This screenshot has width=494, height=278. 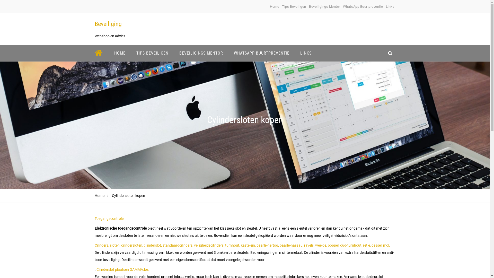 I want to click on 'Cilinderslot plaatsen GAMMA.be.', so click(x=122, y=269).